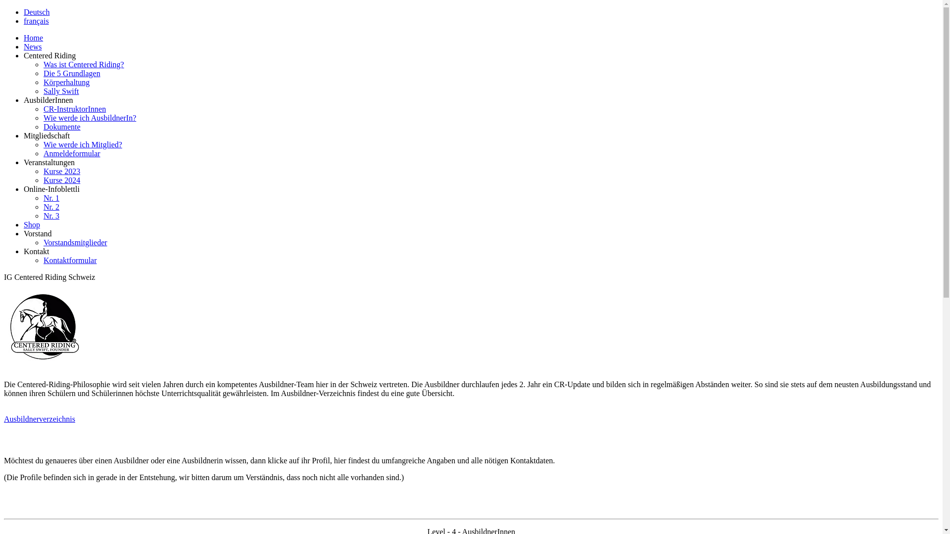 This screenshot has height=534, width=950. What do you see at coordinates (43, 215) in the screenshot?
I see `'Nr. 3'` at bounding box center [43, 215].